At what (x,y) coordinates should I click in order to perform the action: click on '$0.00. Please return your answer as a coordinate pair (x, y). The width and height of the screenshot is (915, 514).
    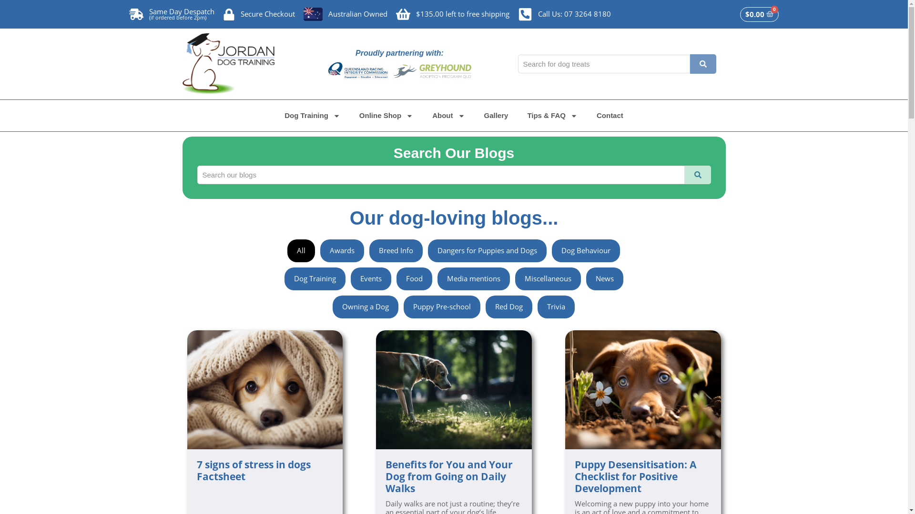
    Looking at the image, I should click on (759, 14).